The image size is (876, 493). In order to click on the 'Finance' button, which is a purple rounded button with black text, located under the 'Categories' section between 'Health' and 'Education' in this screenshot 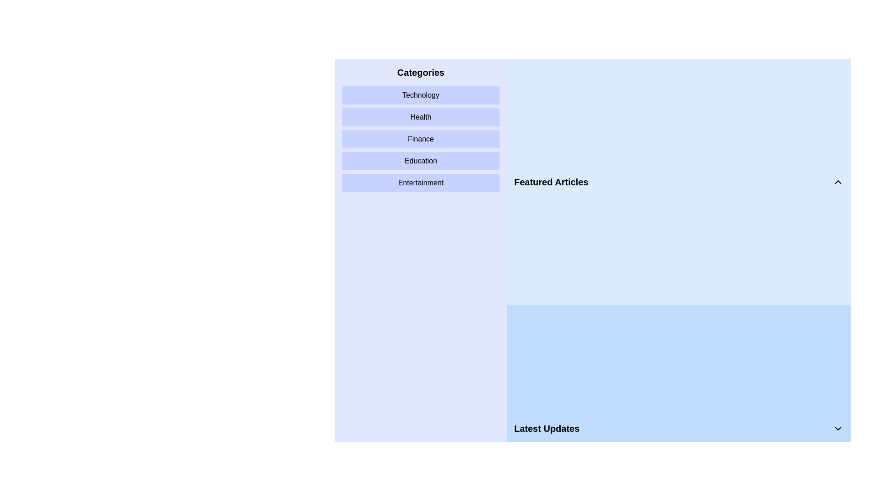, I will do `click(420, 139)`.